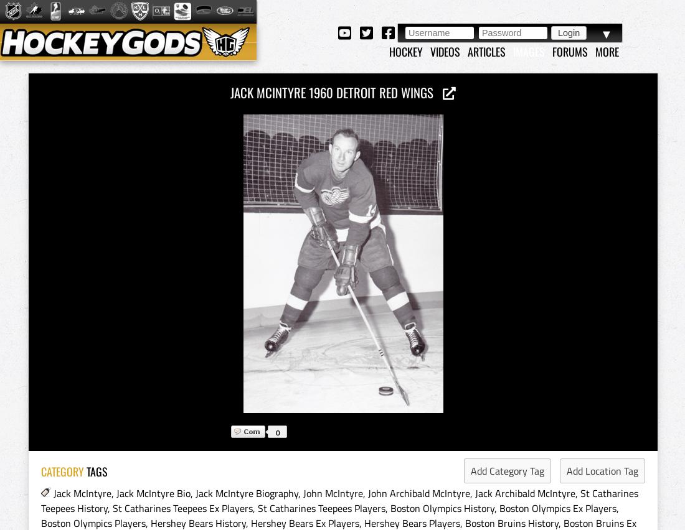  I want to click on 'More', so click(607, 50).